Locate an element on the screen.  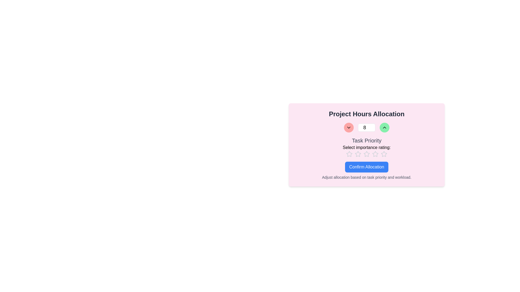
the Text label that serves as a header for the section, positioned centrally above the rating visuals and below the numeric selection interface is located at coordinates (366, 140).